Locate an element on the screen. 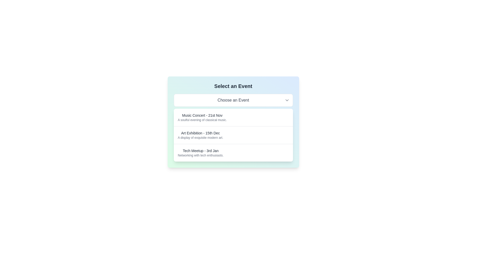 Image resolution: width=493 pixels, height=277 pixels. the event list item representing an event with a title and description is located at coordinates (233, 135).